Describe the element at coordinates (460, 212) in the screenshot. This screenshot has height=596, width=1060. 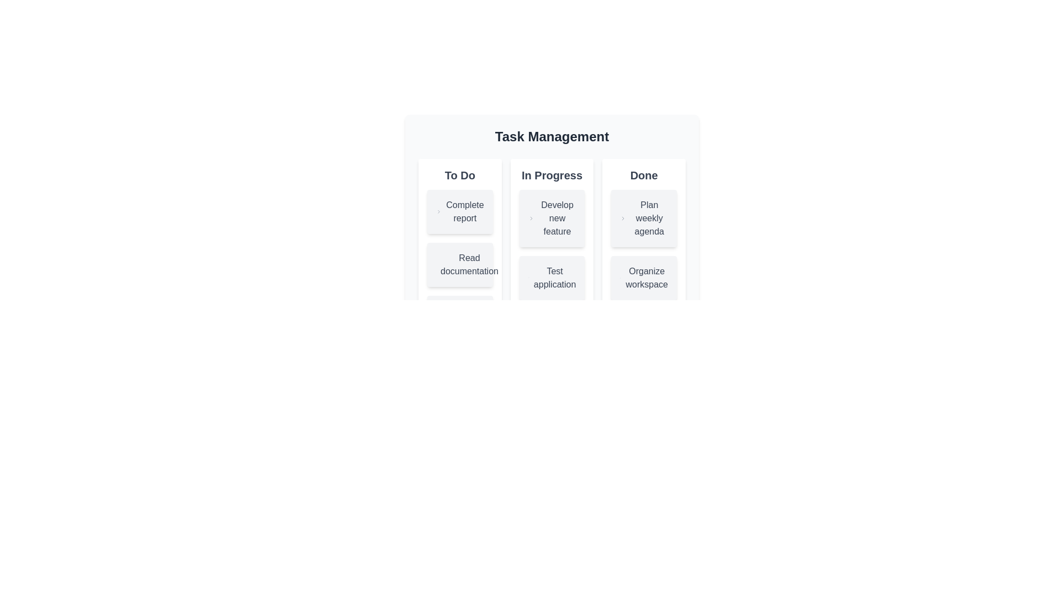
I see `the task item titled 'Complete report' from its current position in the 'To Do' column` at that location.